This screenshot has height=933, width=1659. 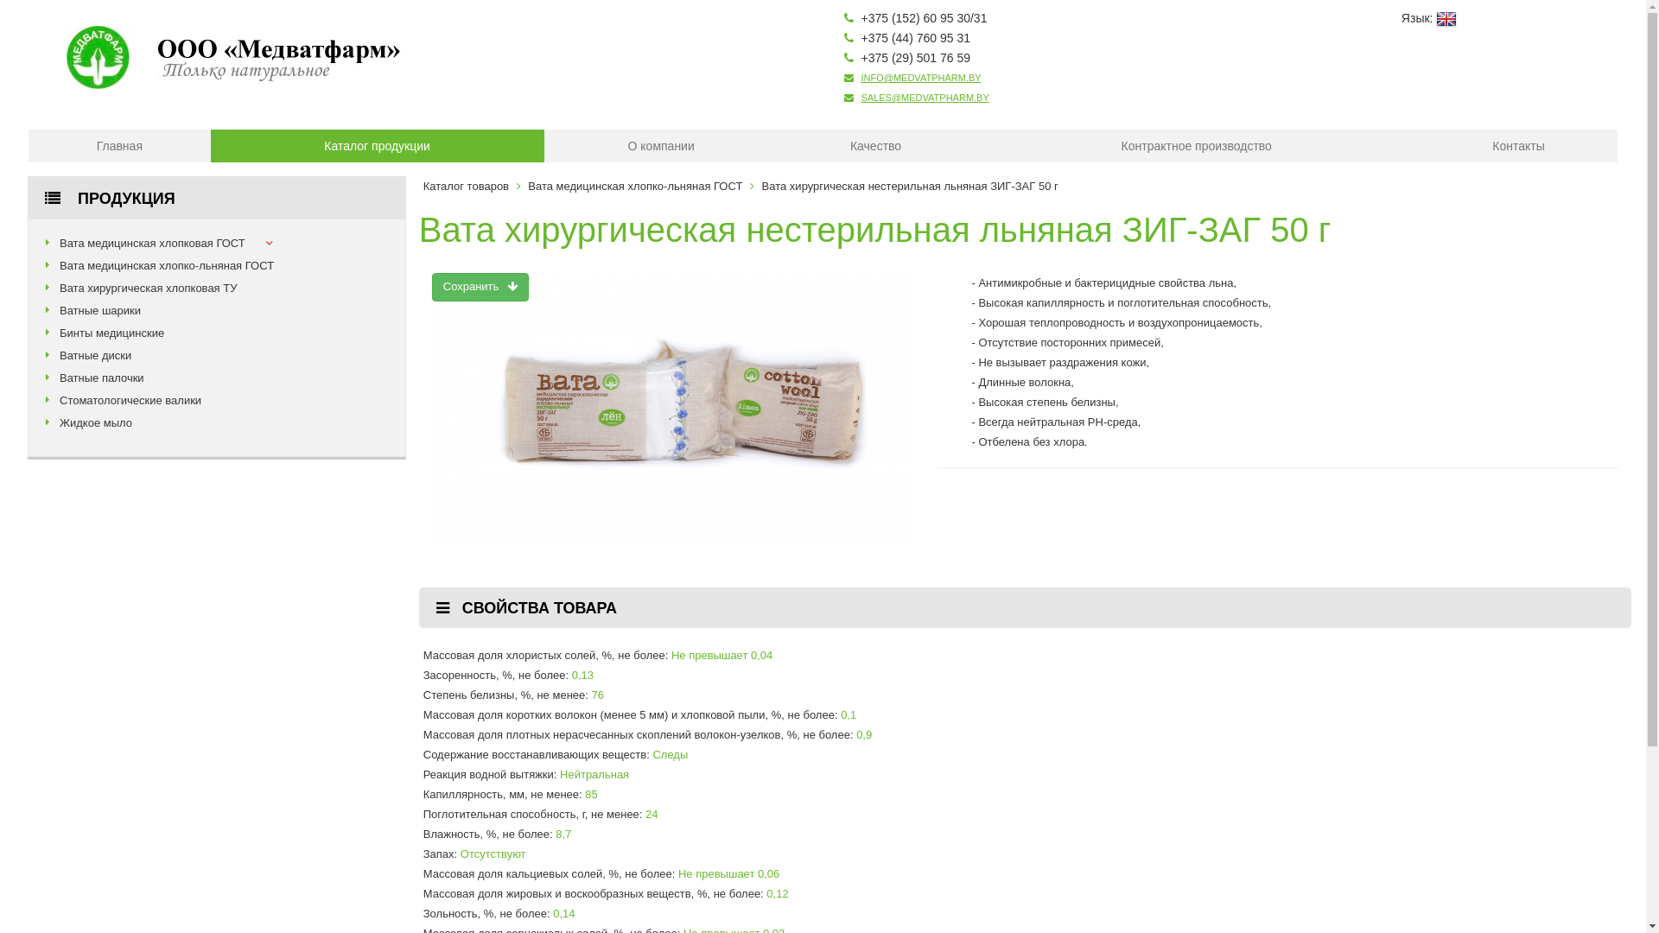 What do you see at coordinates (924, 97) in the screenshot?
I see `'SALES@MEDVATPHARM.BY'` at bounding box center [924, 97].